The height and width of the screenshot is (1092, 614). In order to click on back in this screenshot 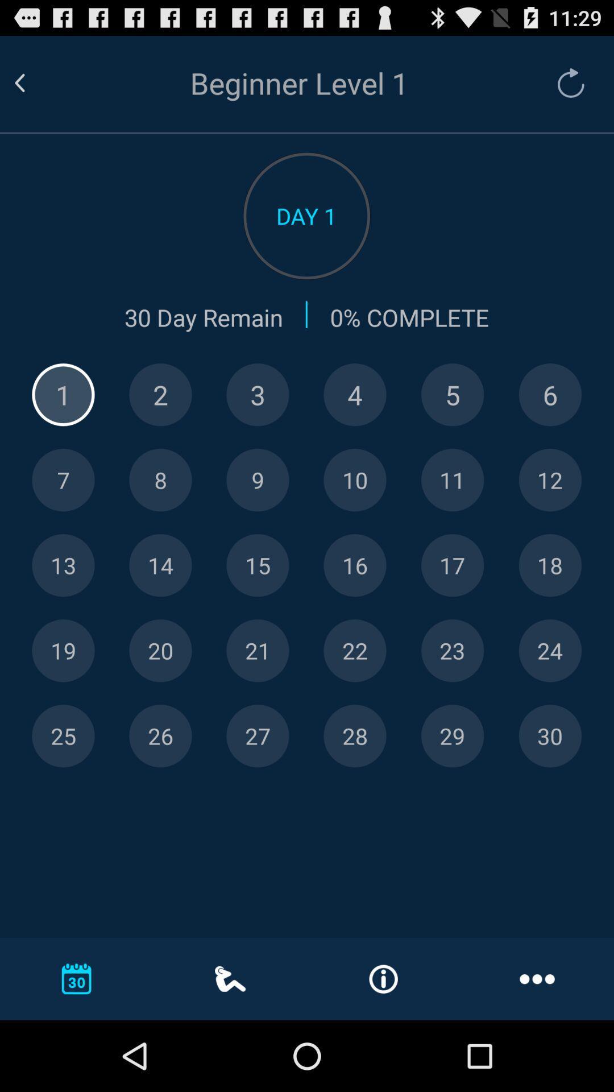, I will do `click(33, 82)`.